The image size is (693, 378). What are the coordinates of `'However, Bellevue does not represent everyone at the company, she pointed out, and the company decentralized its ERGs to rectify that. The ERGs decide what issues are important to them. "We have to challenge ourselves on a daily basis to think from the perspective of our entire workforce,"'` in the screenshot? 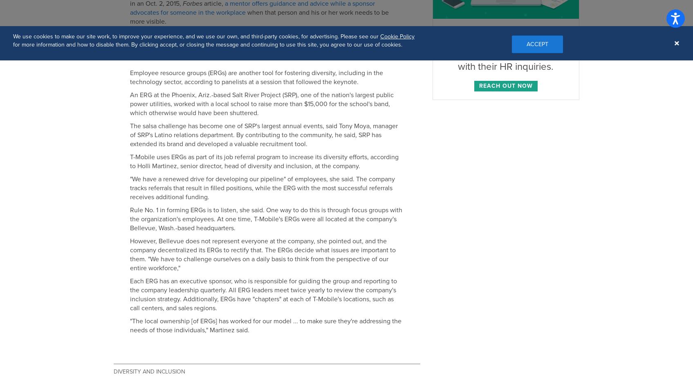 It's located at (262, 254).